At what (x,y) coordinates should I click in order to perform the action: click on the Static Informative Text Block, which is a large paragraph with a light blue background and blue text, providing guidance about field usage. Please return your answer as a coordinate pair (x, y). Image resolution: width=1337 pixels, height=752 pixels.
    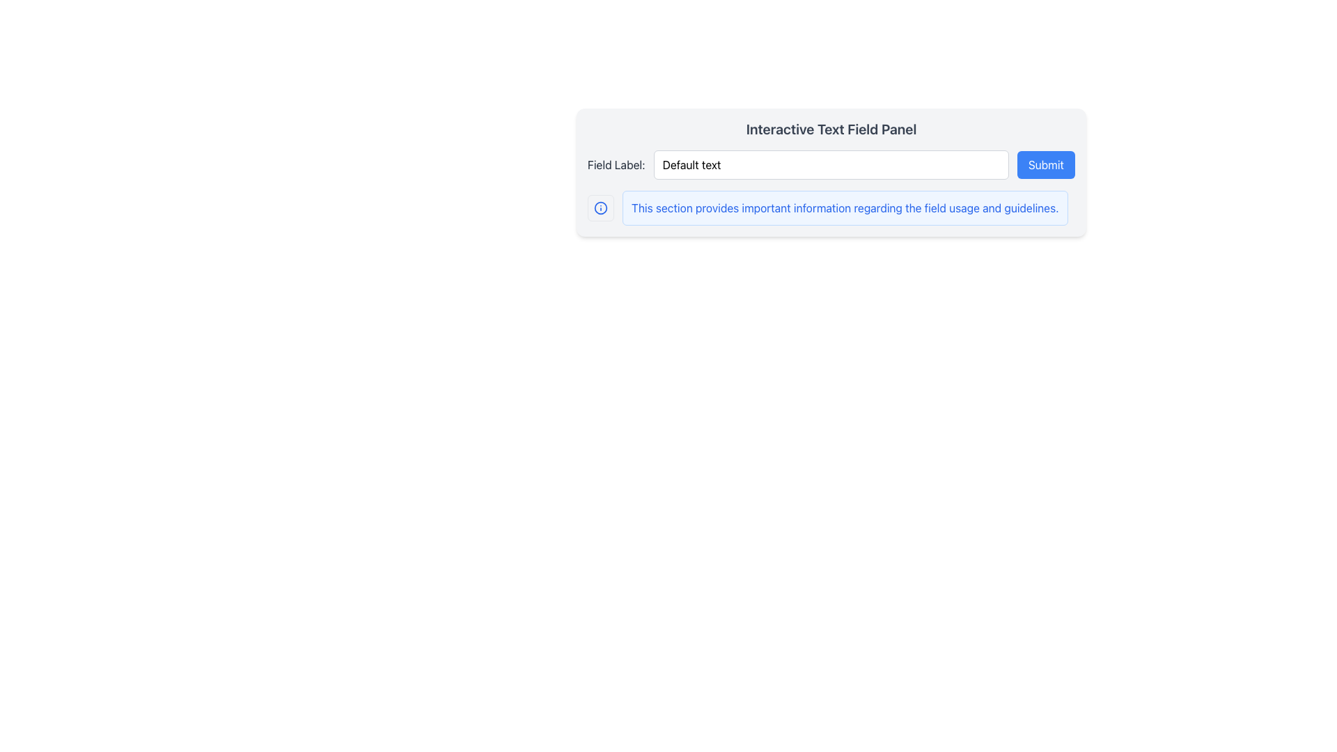
    Looking at the image, I should click on (844, 208).